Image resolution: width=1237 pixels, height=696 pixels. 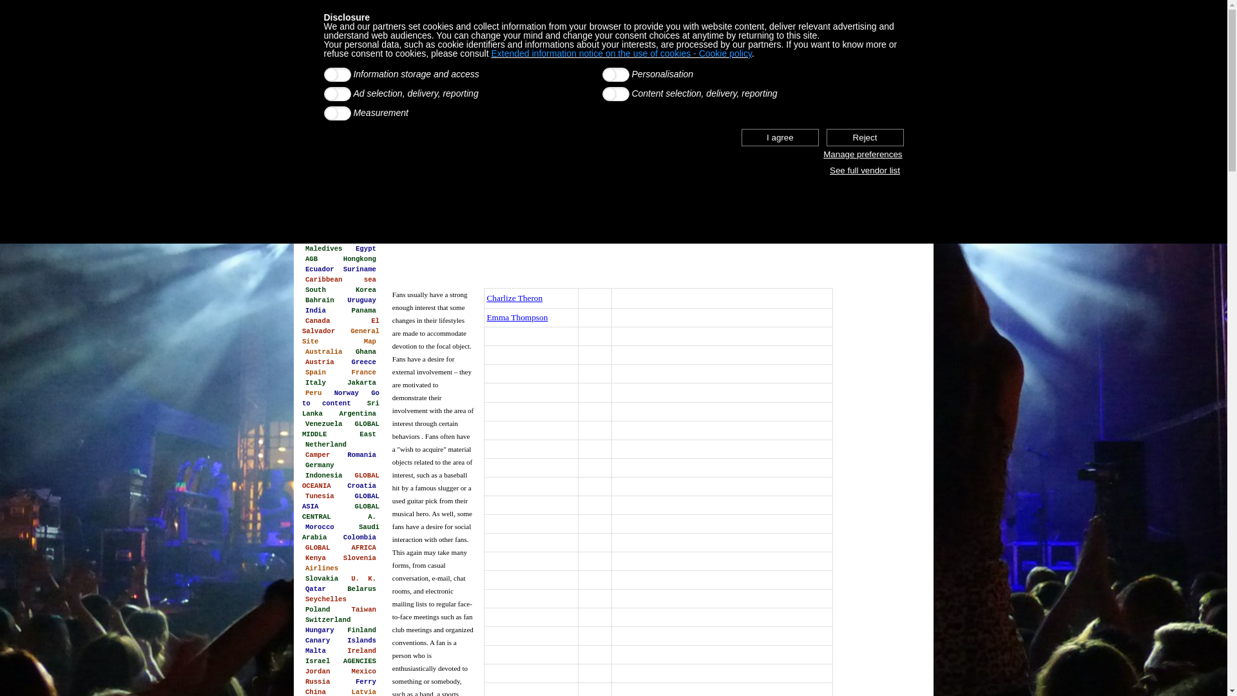 I want to click on 'Croatia', so click(x=361, y=485).